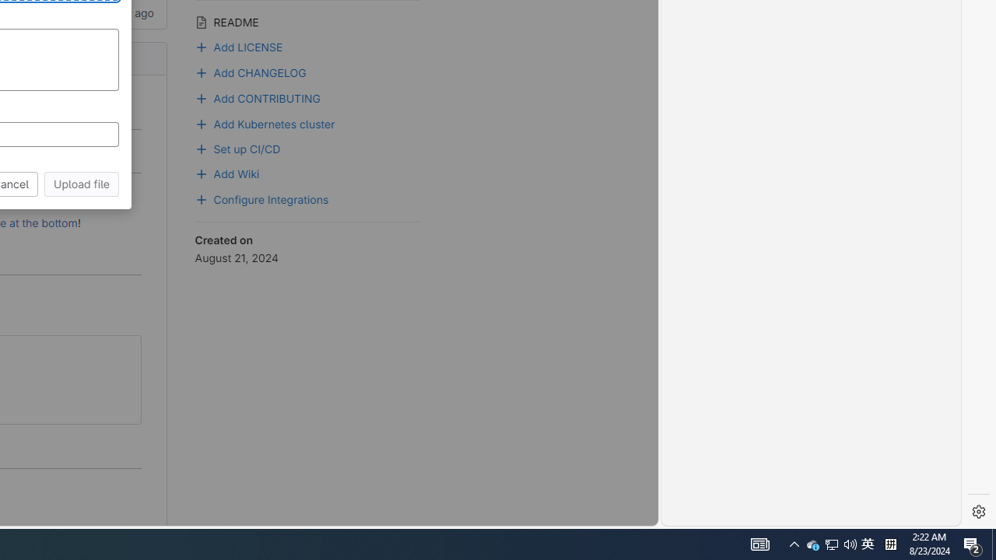 The image size is (996, 560). What do you see at coordinates (307, 147) in the screenshot?
I see `'Set up CI/CD'` at bounding box center [307, 147].